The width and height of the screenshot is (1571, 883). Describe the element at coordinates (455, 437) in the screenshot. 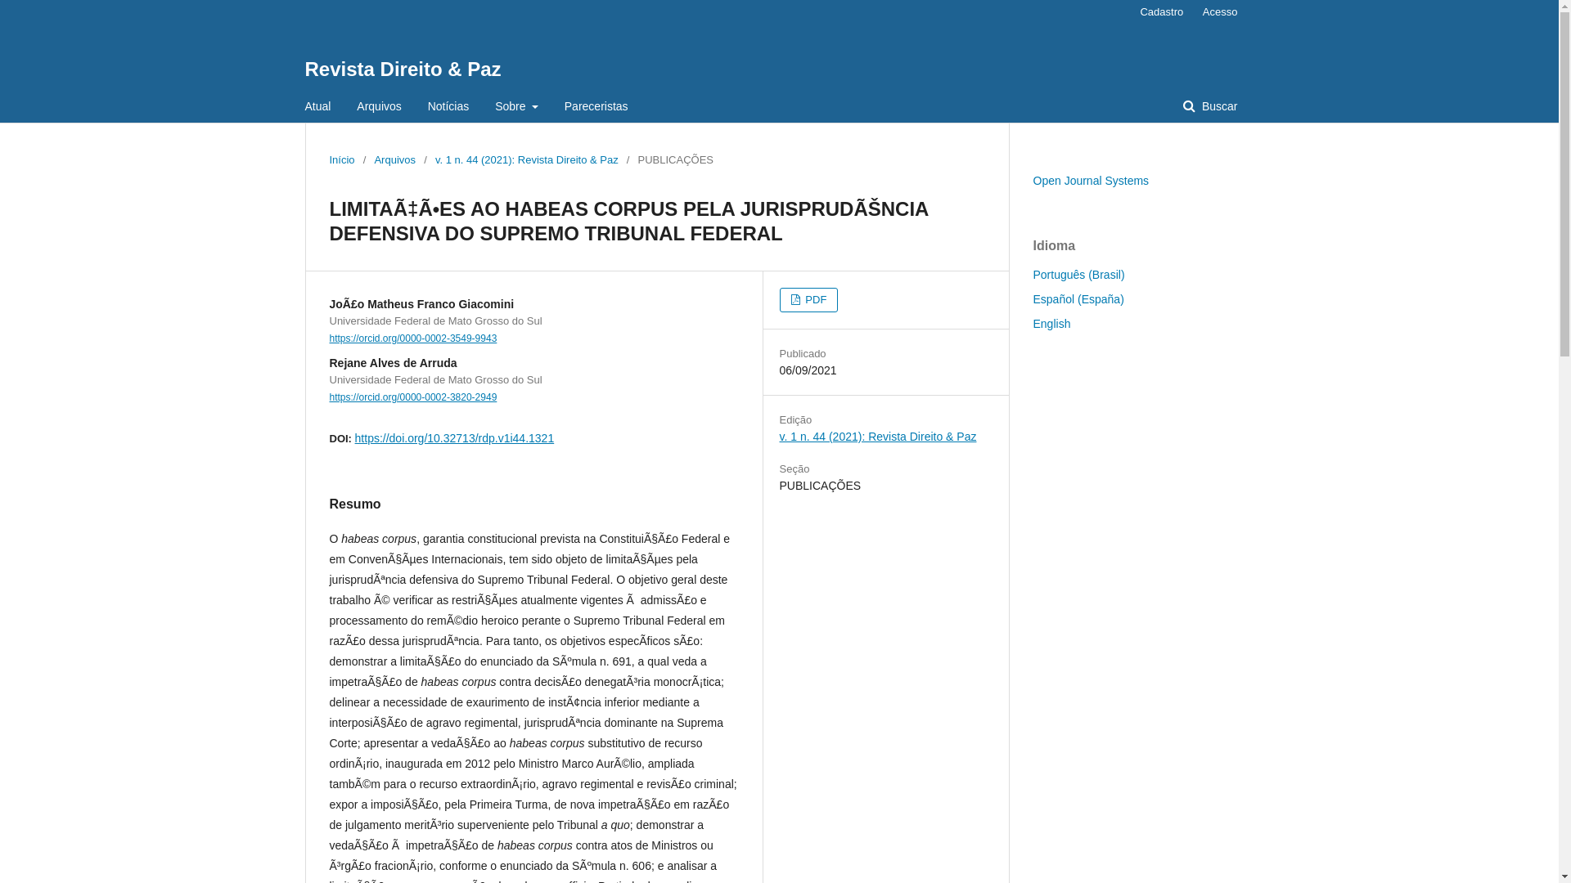

I see `'https://doi.org/10.32713/rdp.v1i44.1321'` at that location.